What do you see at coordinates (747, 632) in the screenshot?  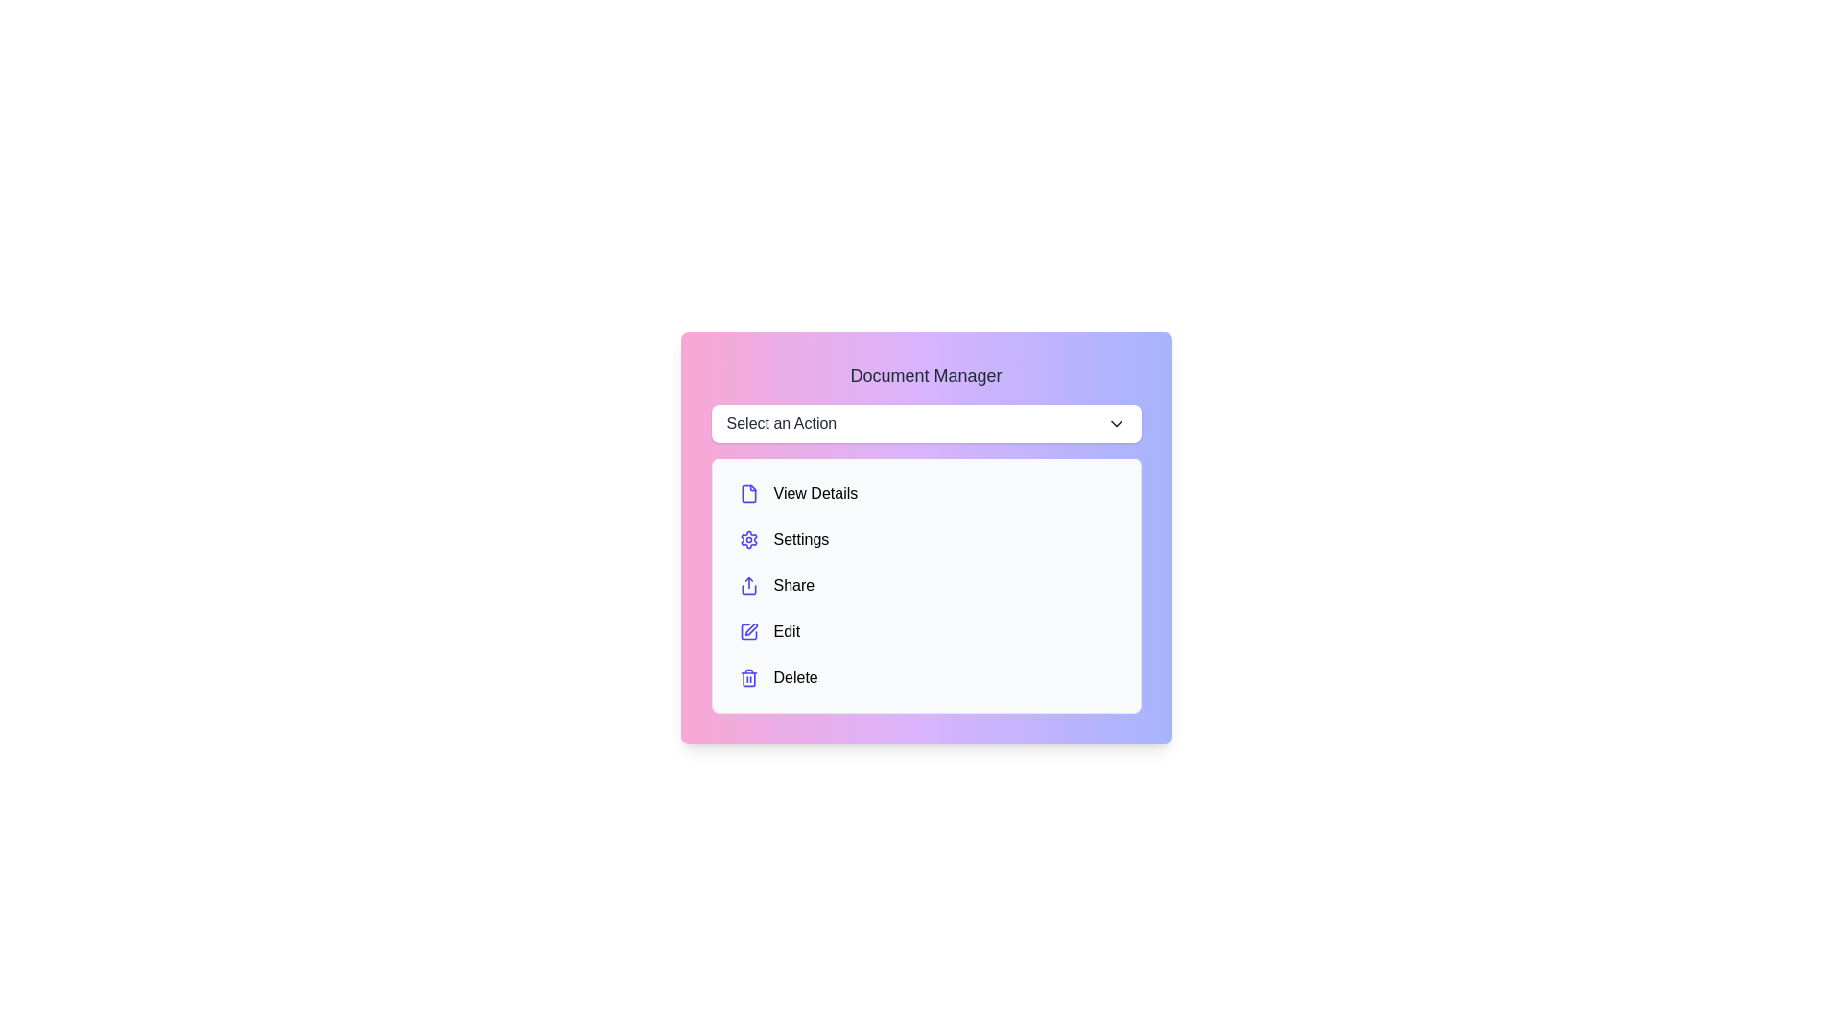 I see `the square pen icon located within the 'Edit' dropdown action menu, which features a vibrant indigo color and a distinctive pen design` at bounding box center [747, 632].